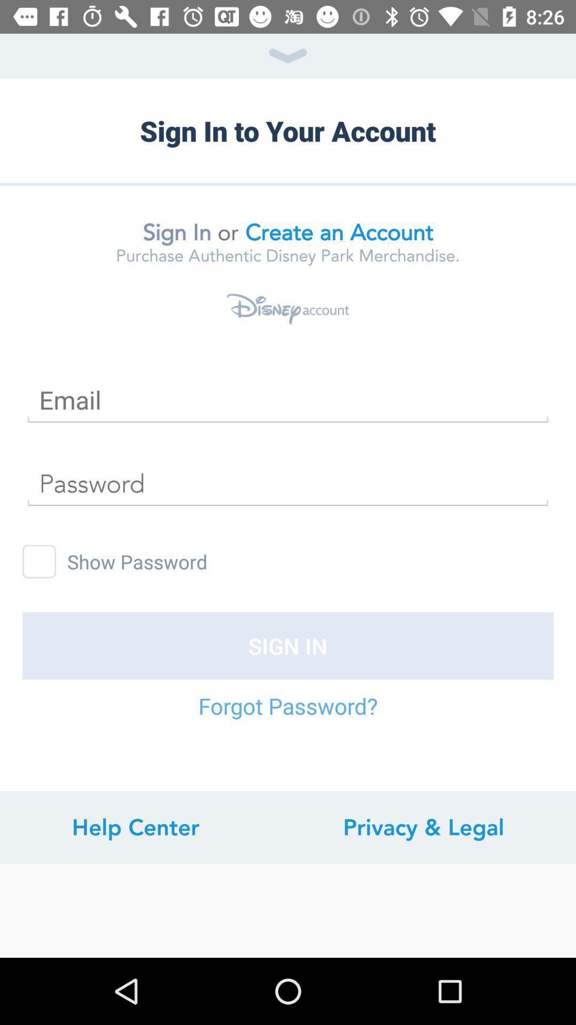 The image size is (576, 1025). I want to click on the icon at the bottom left corner, so click(135, 827).